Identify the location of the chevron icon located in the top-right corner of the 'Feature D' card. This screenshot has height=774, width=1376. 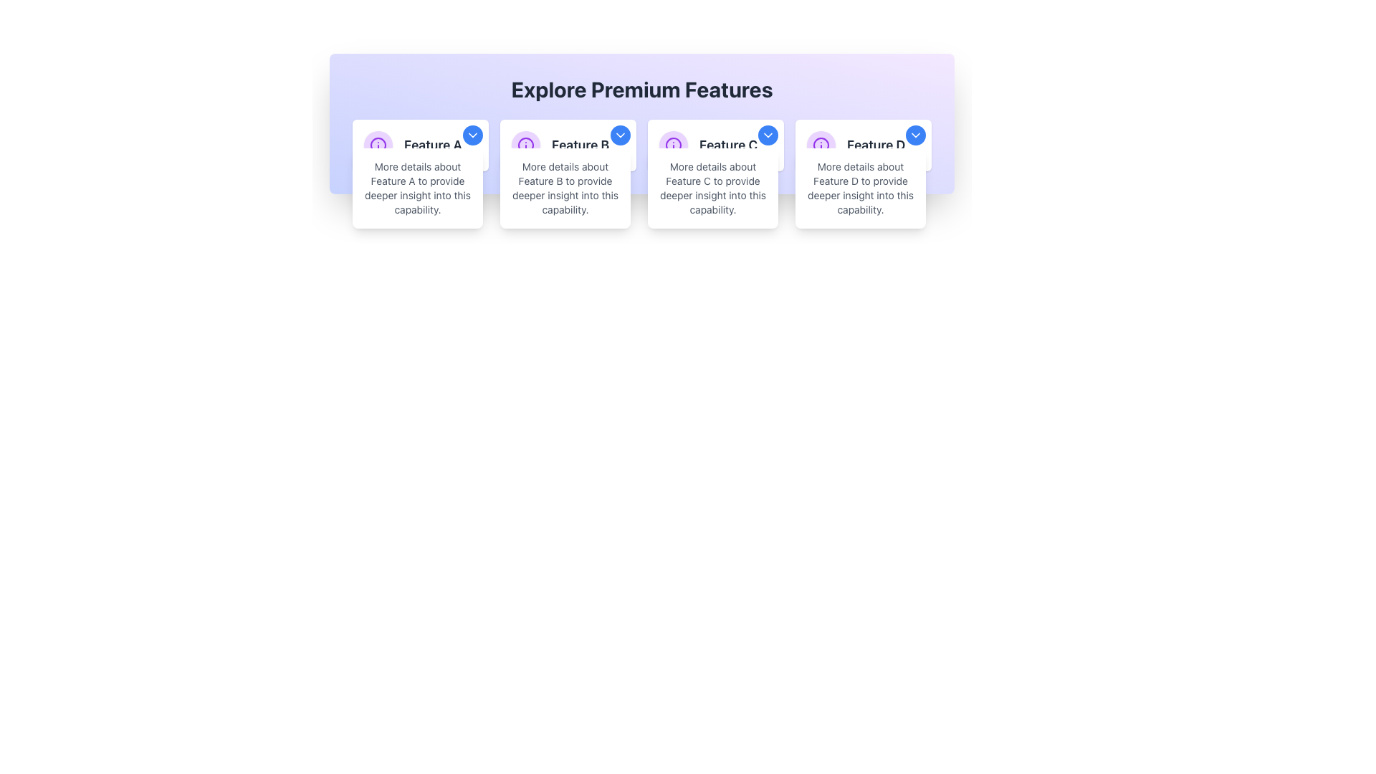
(914, 135).